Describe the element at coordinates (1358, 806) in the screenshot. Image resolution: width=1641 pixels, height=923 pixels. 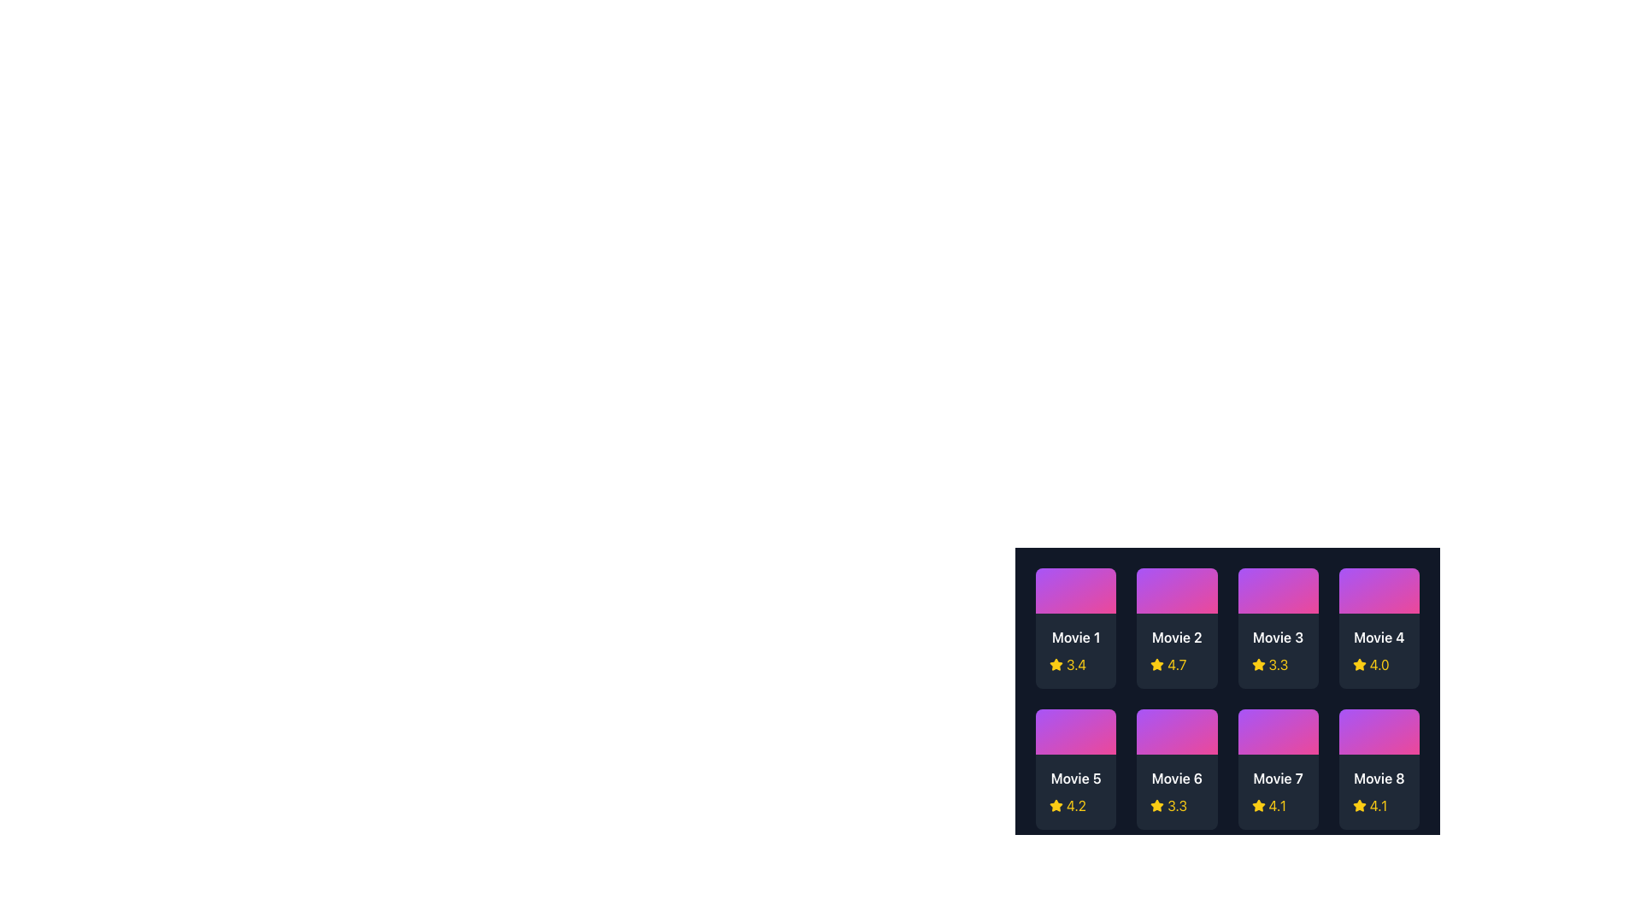
I see `the yellow, star-shaped icon located to the left of the numerical rating text '4.1' beneath the label 'Movie 8'` at that location.